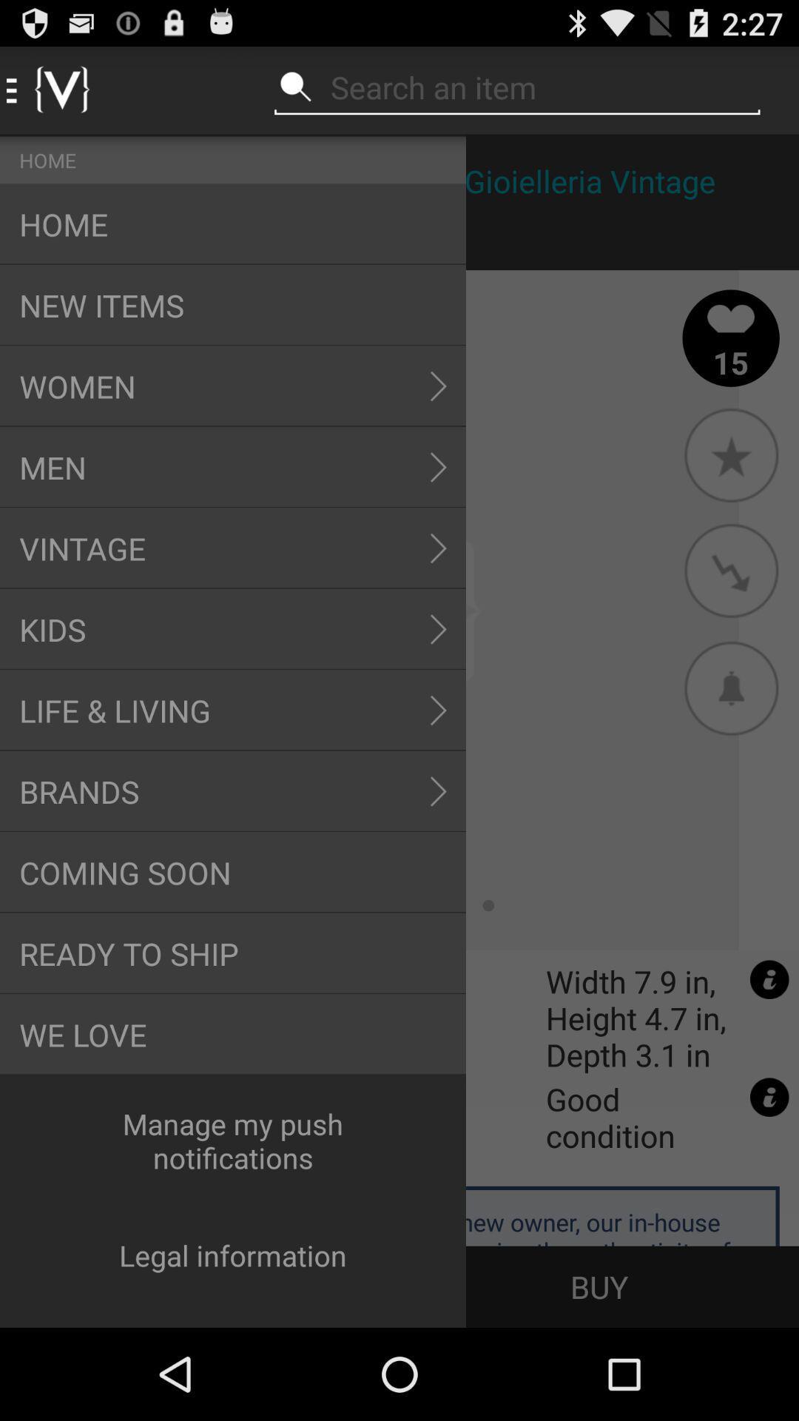 The width and height of the screenshot is (799, 1421). I want to click on the notifications icon, so click(730, 736).